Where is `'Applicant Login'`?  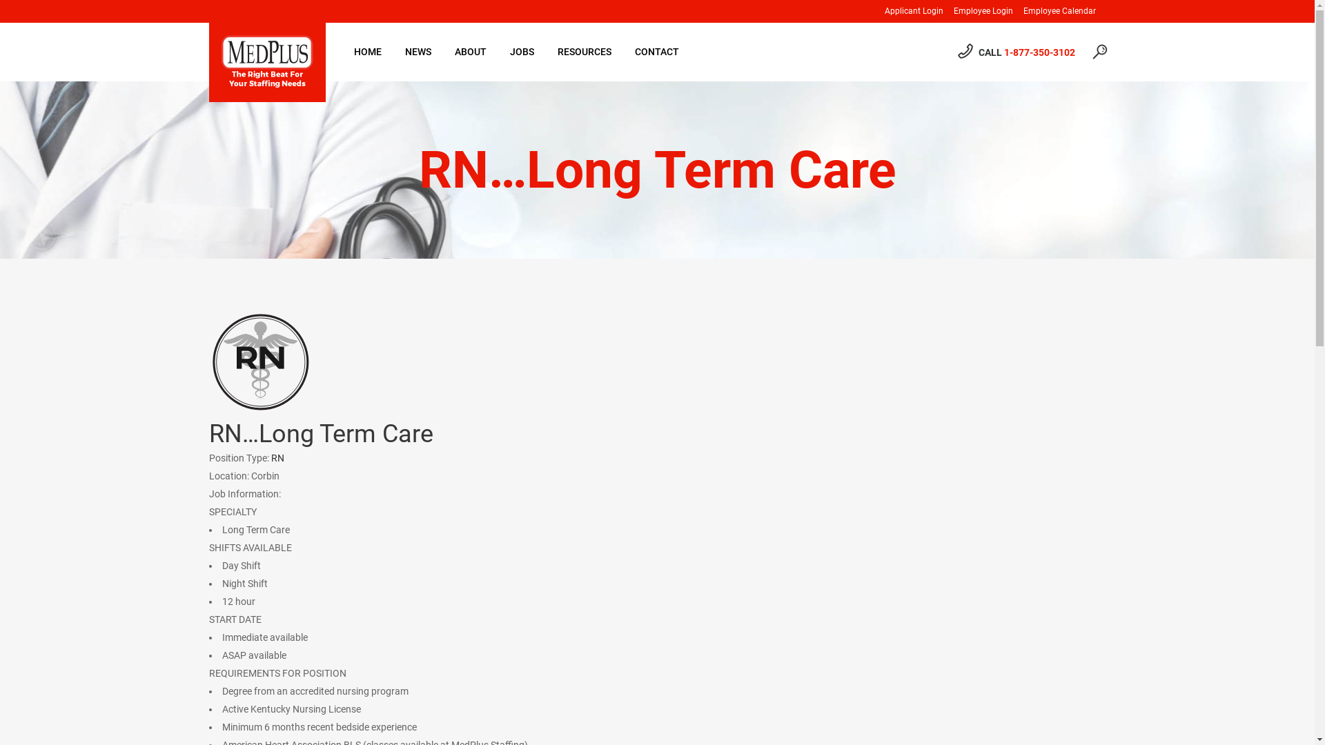
'Applicant Login' is located at coordinates (873, 11).